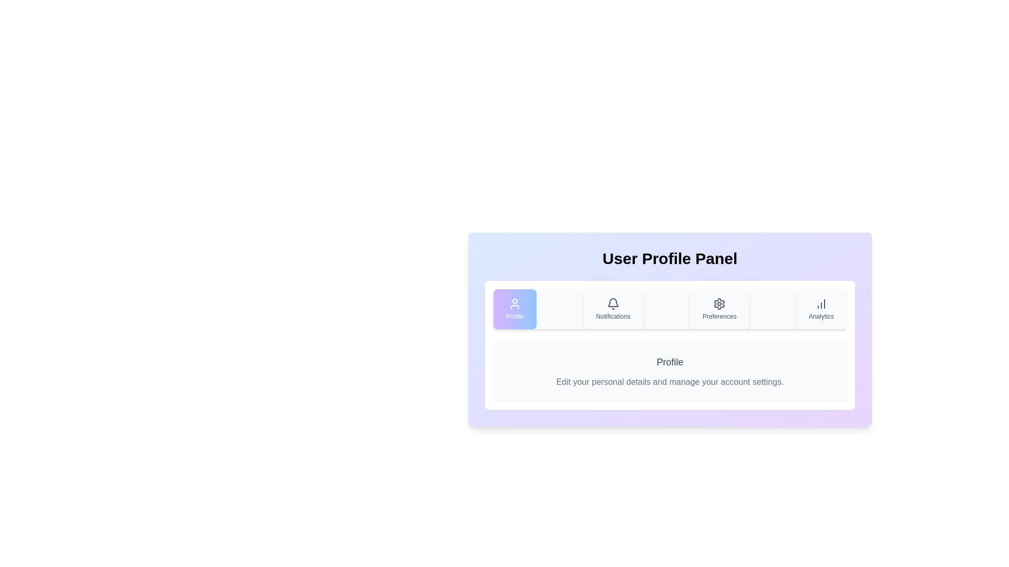 The image size is (1009, 567). I want to click on the tab labeled Notifications to preview its interactive effect, so click(613, 309).